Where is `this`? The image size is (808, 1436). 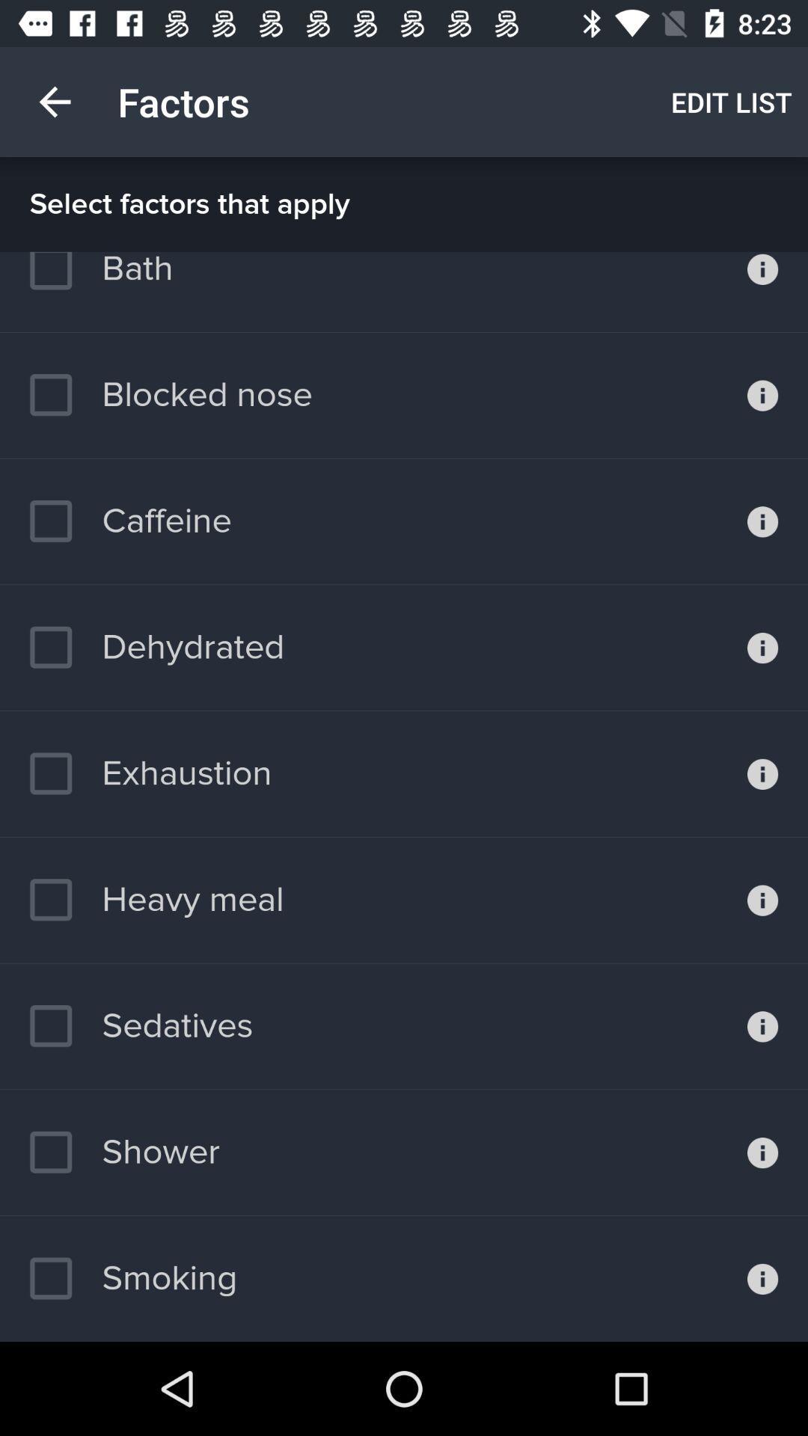
this is located at coordinates (762, 395).